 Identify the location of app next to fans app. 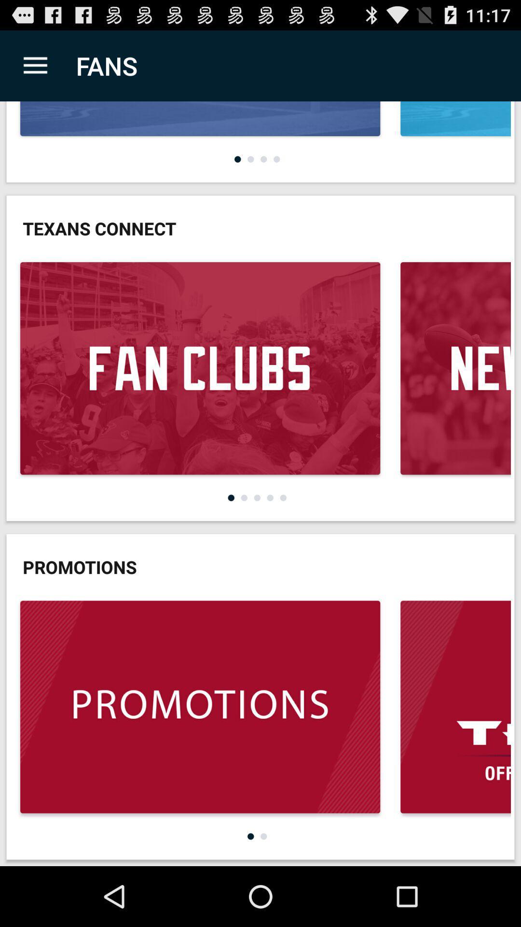
(35, 65).